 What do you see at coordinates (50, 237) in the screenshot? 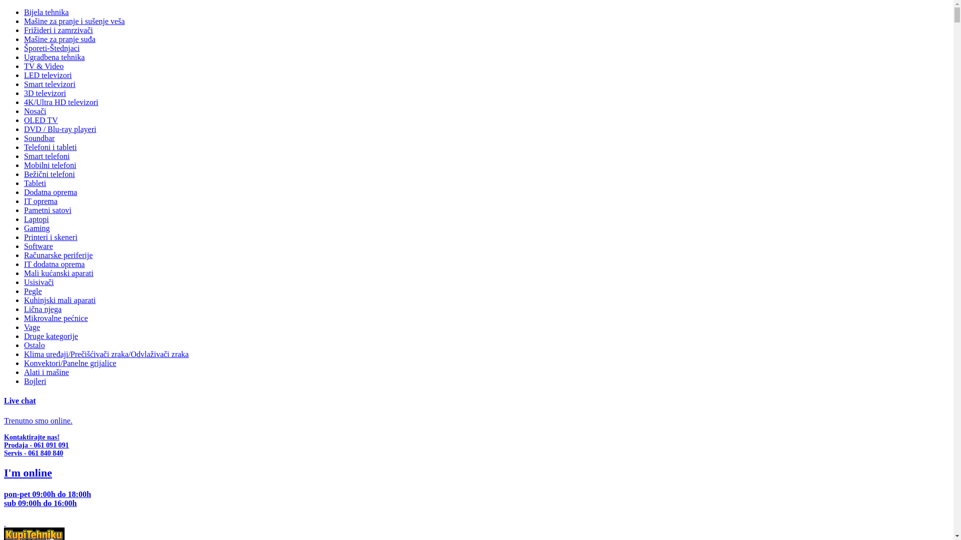
I see `'Printeri i skeneri'` at bounding box center [50, 237].